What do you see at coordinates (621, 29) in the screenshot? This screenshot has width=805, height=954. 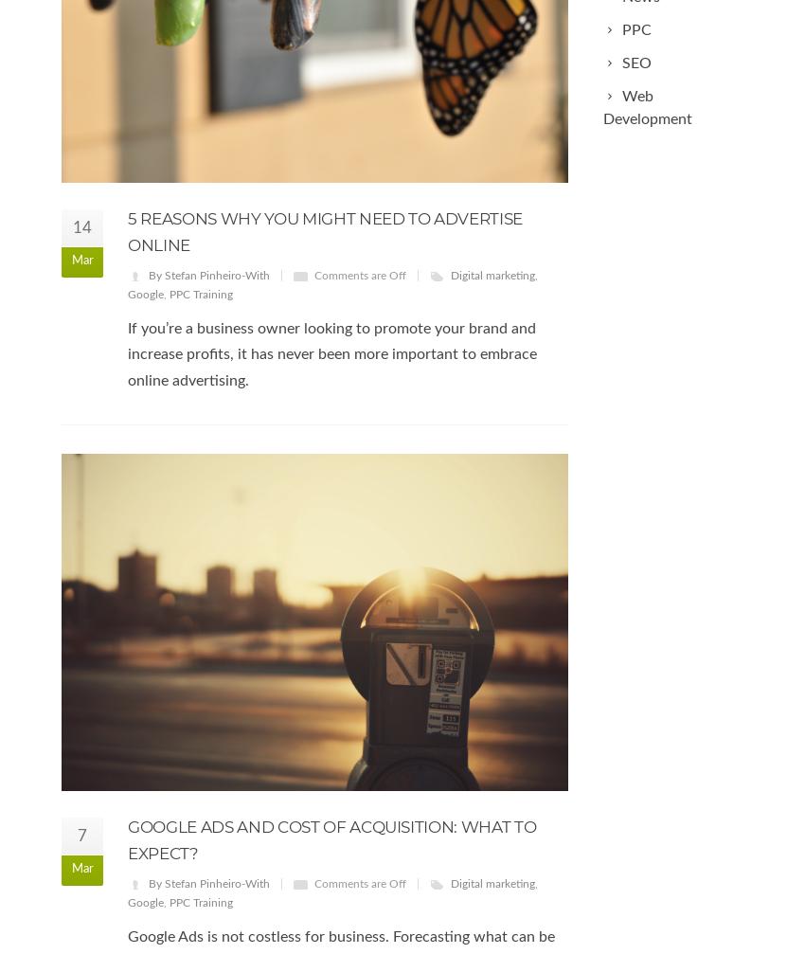 I see `'PPC'` at bounding box center [621, 29].